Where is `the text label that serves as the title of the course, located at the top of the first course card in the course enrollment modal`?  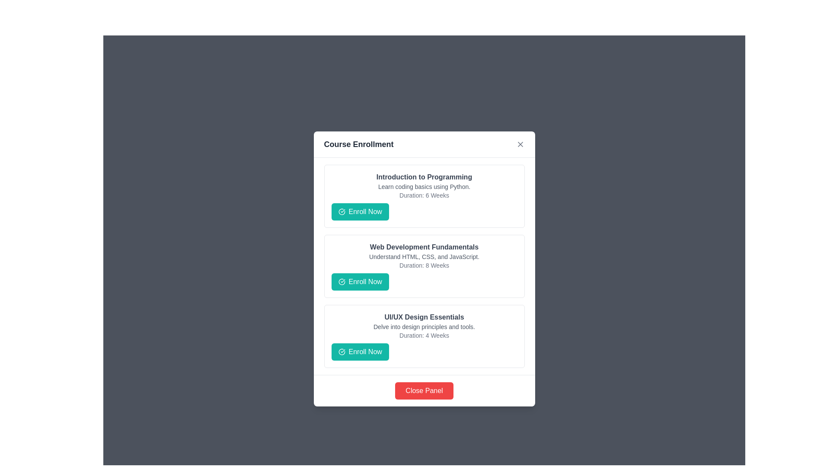
the text label that serves as the title of the course, located at the top of the first course card in the course enrollment modal is located at coordinates (424, 176).